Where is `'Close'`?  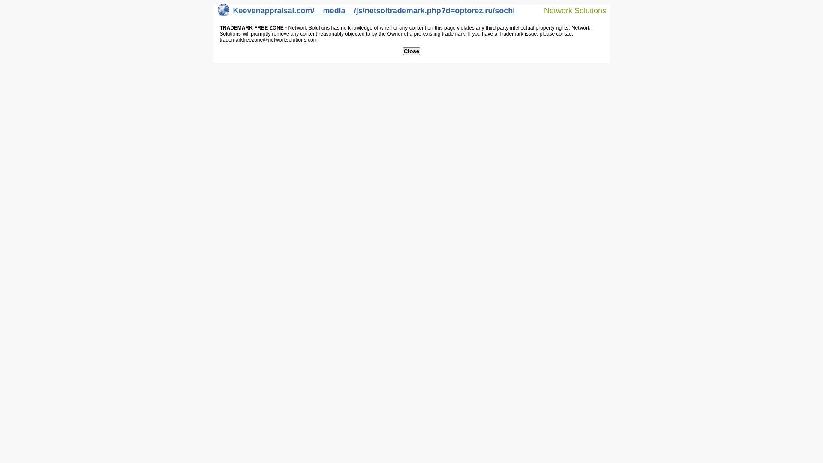 'Close' is located at coordinates (402, 51).